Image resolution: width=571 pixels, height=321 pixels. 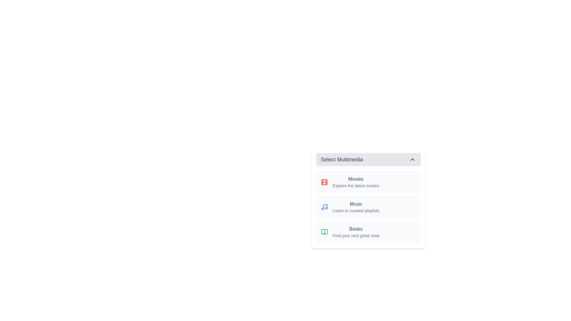 I want to click on the 'Books' icon located at the top left corner of the 'Books' card element, which visually represents books and aids in recognition of the section, so click(x=324, y=232).